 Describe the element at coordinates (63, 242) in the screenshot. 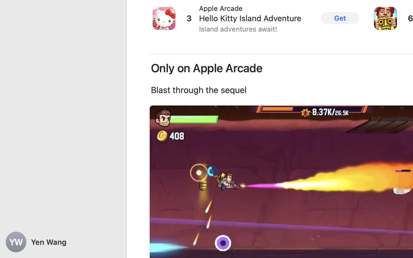

I see `'Yen Wang'` at that location.